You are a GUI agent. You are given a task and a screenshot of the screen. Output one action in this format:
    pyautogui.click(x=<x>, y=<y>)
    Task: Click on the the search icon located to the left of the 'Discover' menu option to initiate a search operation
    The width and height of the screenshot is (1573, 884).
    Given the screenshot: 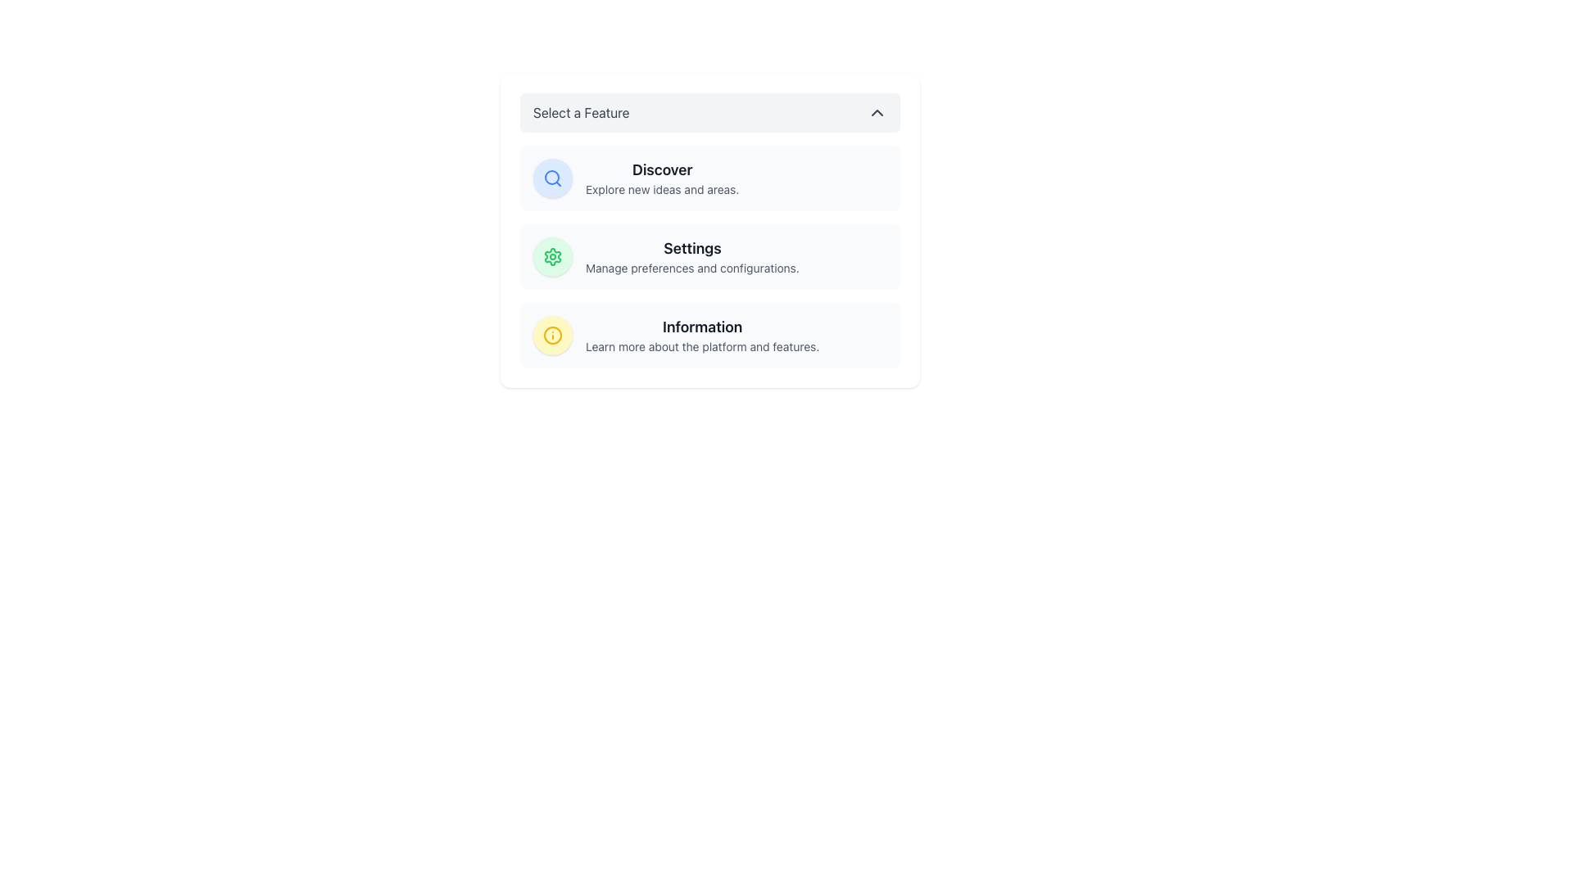 What is the action you would take?
    pyautogui.click(x=553, y=178)
    